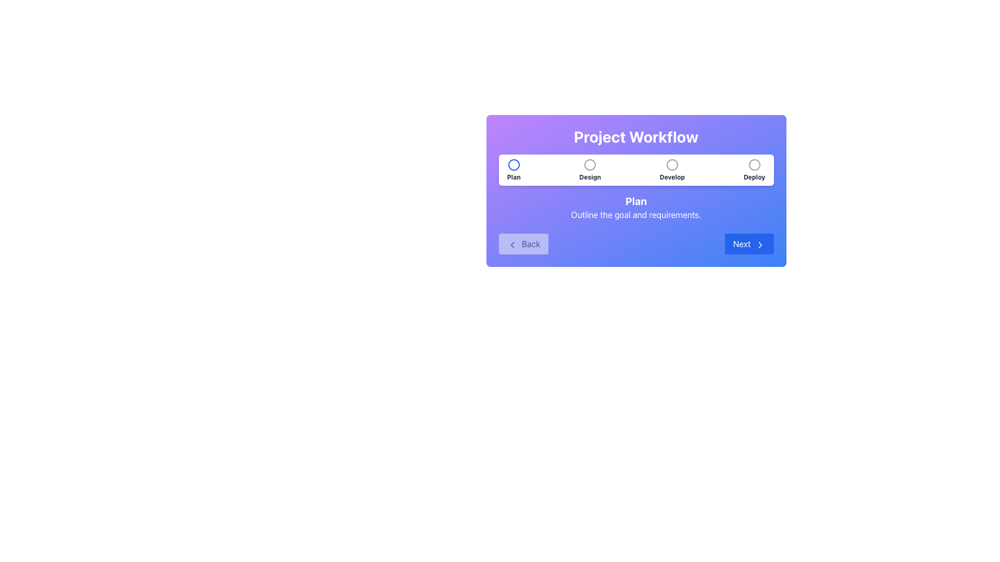  Describe the element at coordinates (754, 170) in the screenshot. I see `the non-interactive icon-text combination indicating the 'Deploy' step in the workflow process, positioned at the far right of the sequence under the 'Project Workflow' heading` at that location.